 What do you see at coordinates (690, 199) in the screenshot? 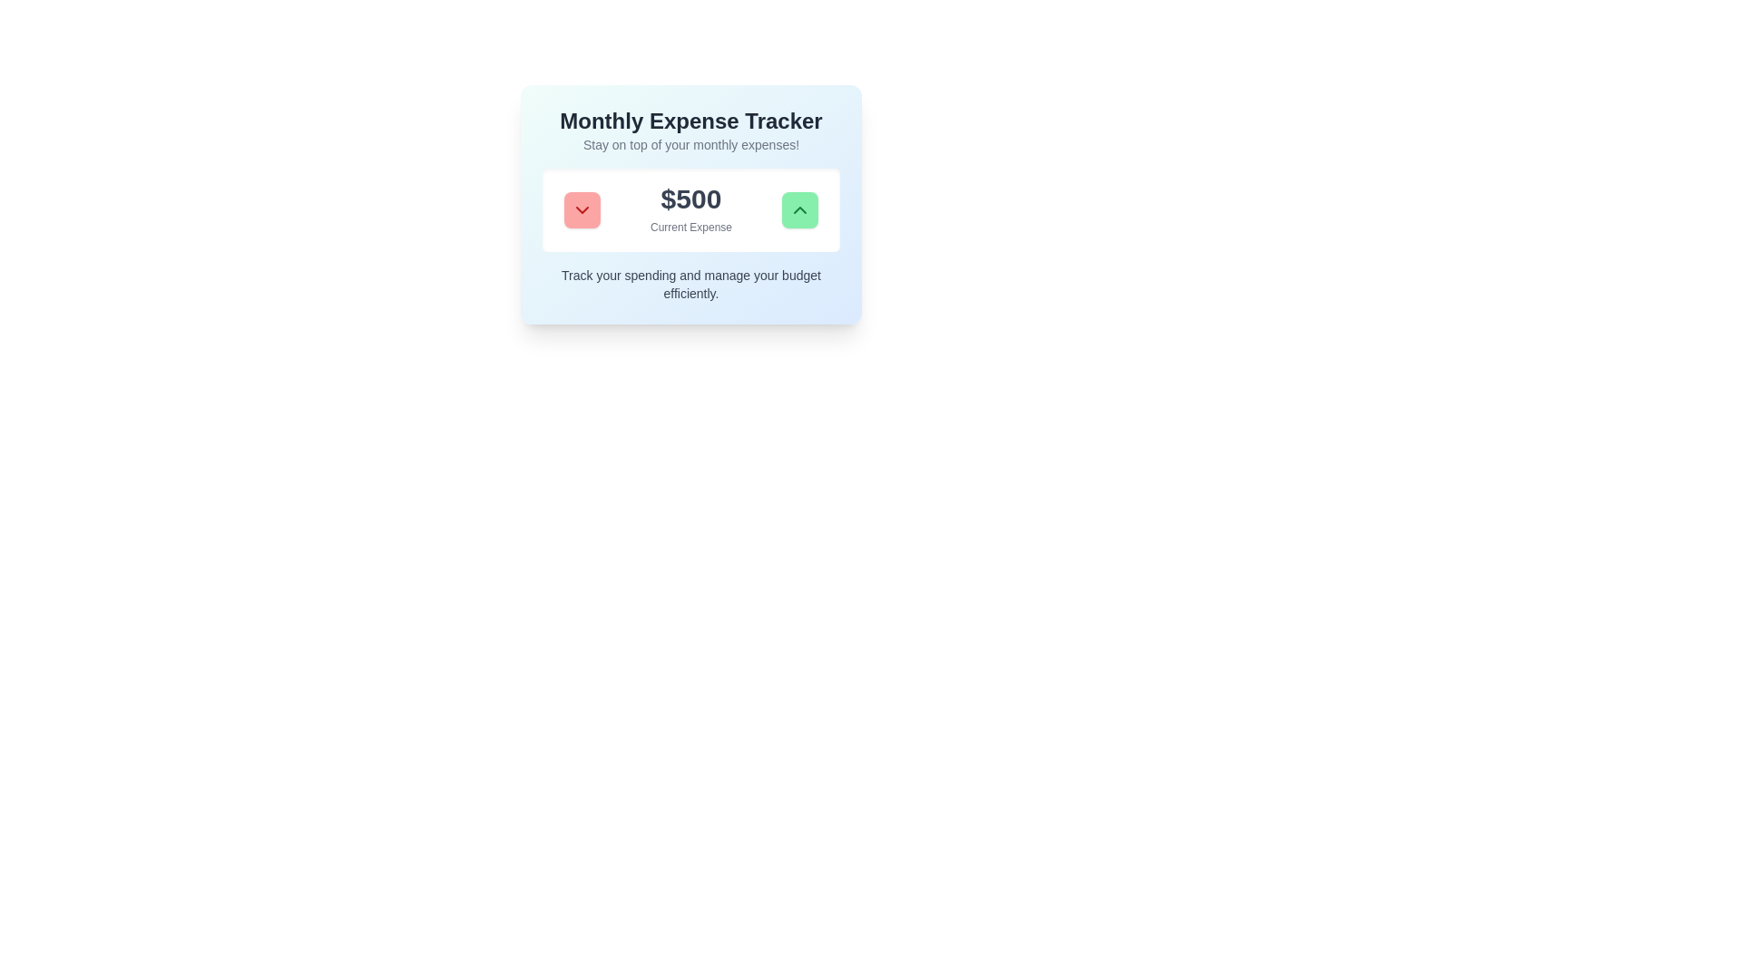
I see `the text display component that shows the amount '$500' in large, bold characters, emphasizing its prominence in the interface` at bounding box center [690, 199].